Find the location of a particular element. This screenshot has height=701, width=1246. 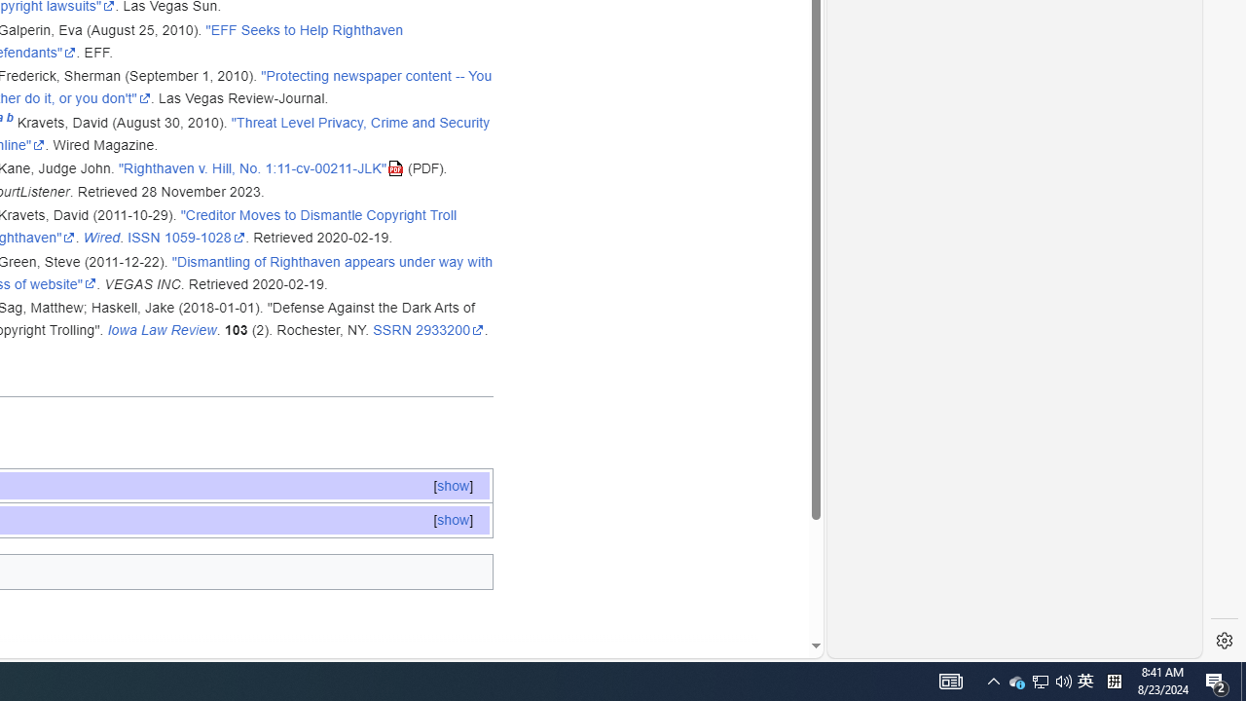

'b' is located at coordinates (10, 122).